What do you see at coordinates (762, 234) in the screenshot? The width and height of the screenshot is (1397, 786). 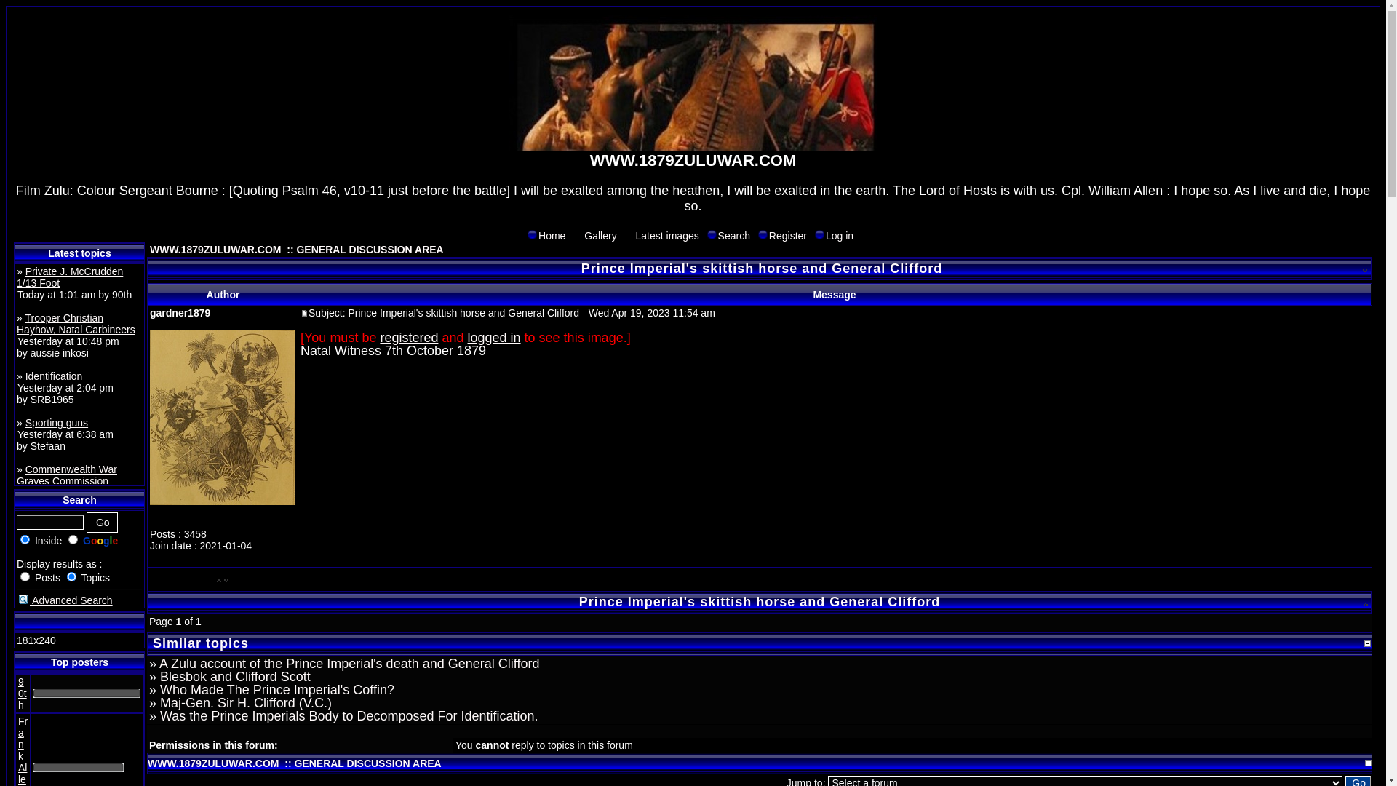 I see `'Register'` at bounding box center [762, 234].